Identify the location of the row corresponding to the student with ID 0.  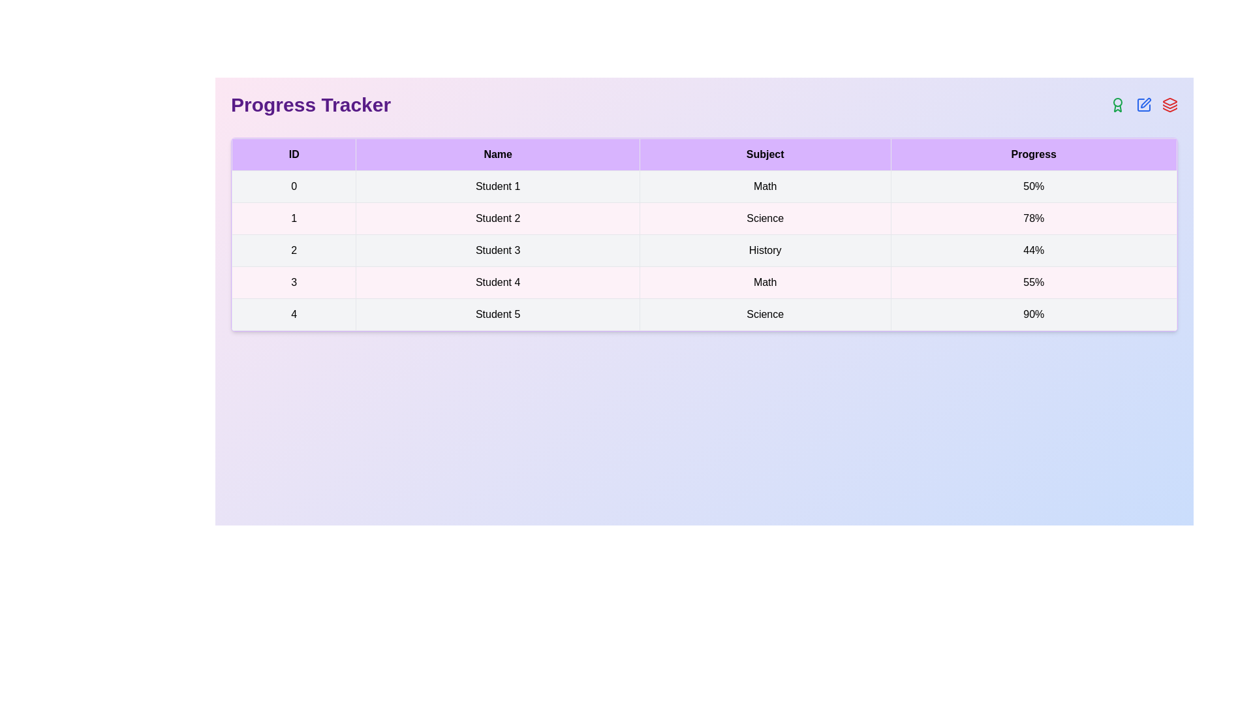
(704, 186).